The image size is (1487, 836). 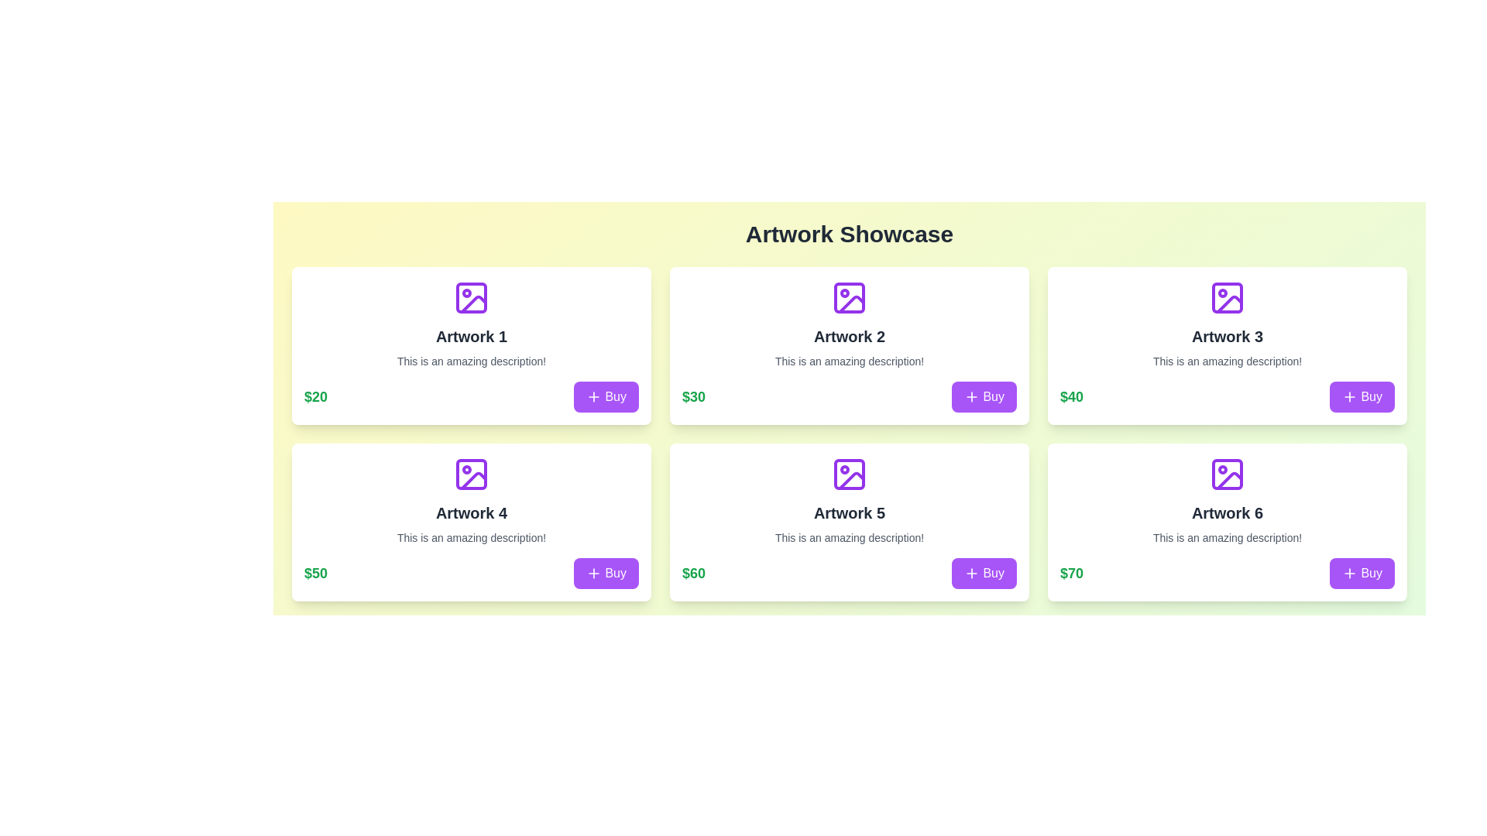 I want to click on the 'Add to Cart' button for 'Artwork 3', so click(x=1362, y=396).